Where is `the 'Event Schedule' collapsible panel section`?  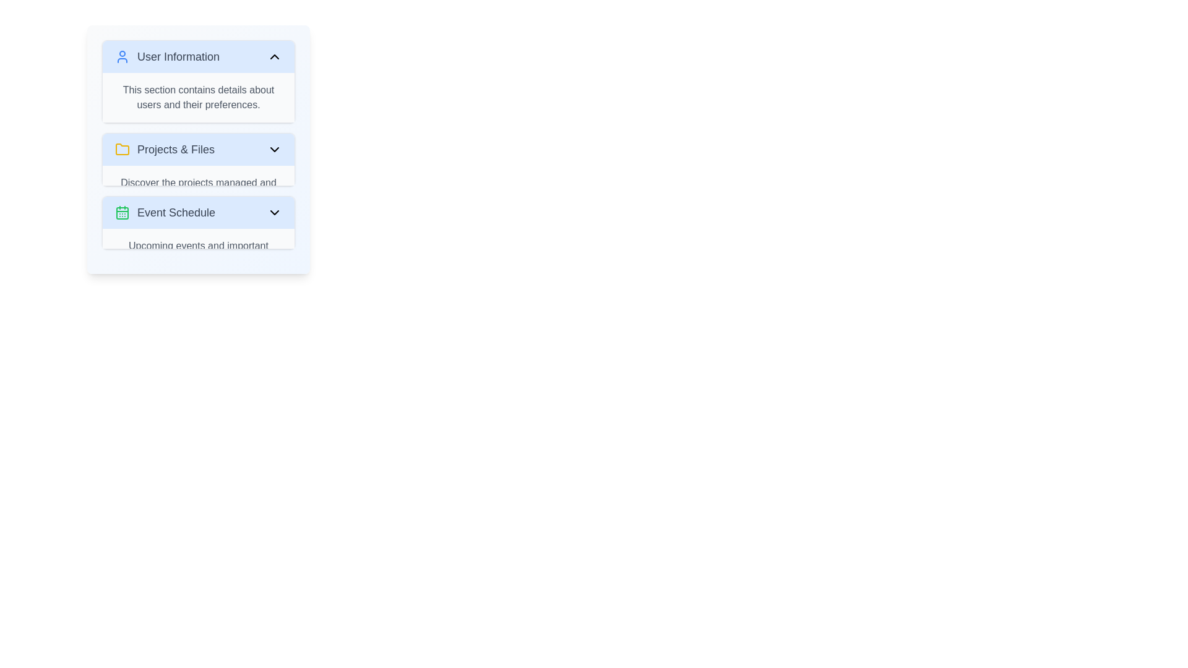
the 'Event Schedule' collapsible panel section is located at coordinates (199, 221).